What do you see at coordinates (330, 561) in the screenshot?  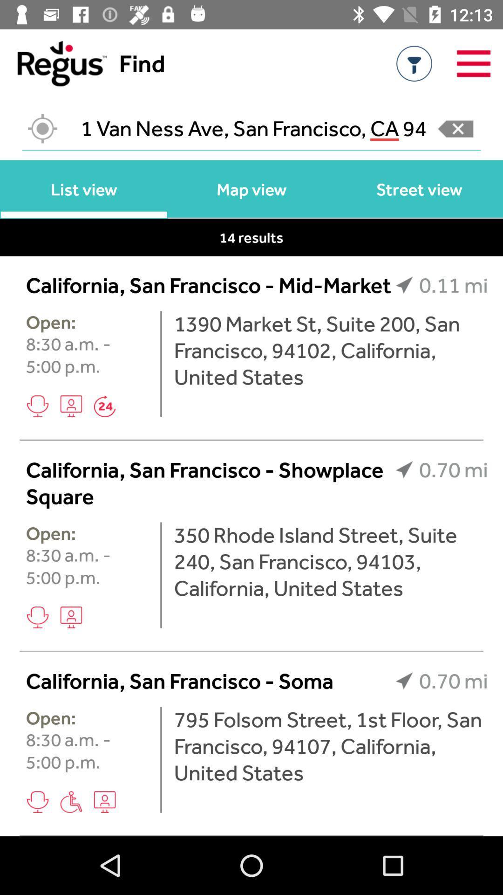 I see `350 rhode island` at bounding box center [330, 561].